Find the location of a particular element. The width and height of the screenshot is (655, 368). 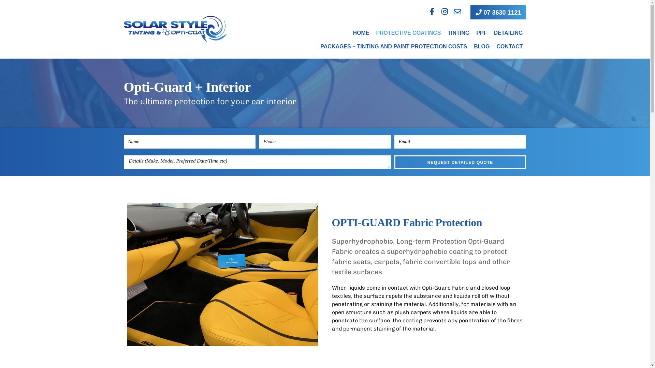

'PPF' is located at coordinates (481, 33).